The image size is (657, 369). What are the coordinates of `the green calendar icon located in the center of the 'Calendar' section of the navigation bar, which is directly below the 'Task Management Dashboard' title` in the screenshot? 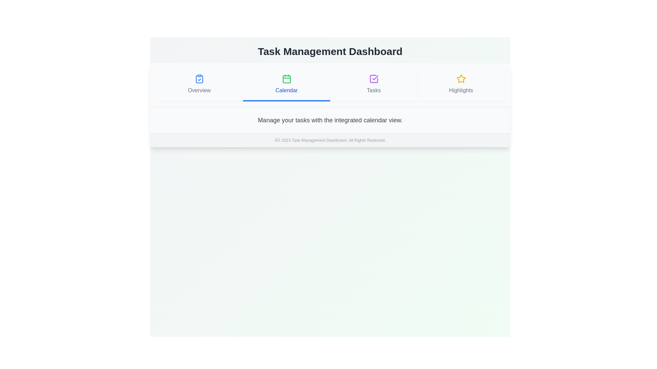 It's located at (286, 79).